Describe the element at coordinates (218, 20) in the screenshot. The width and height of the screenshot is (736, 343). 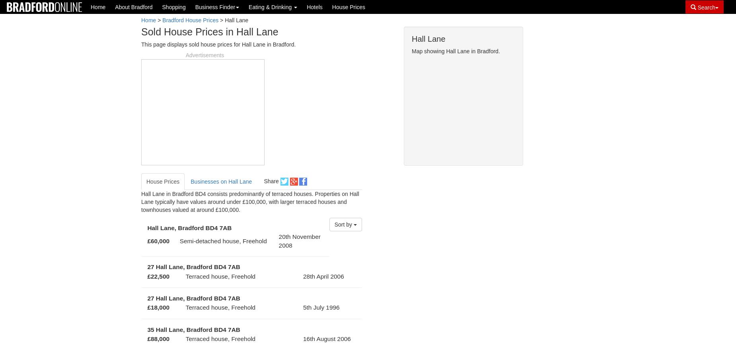
I see `'> Hall Lane'` at that location.